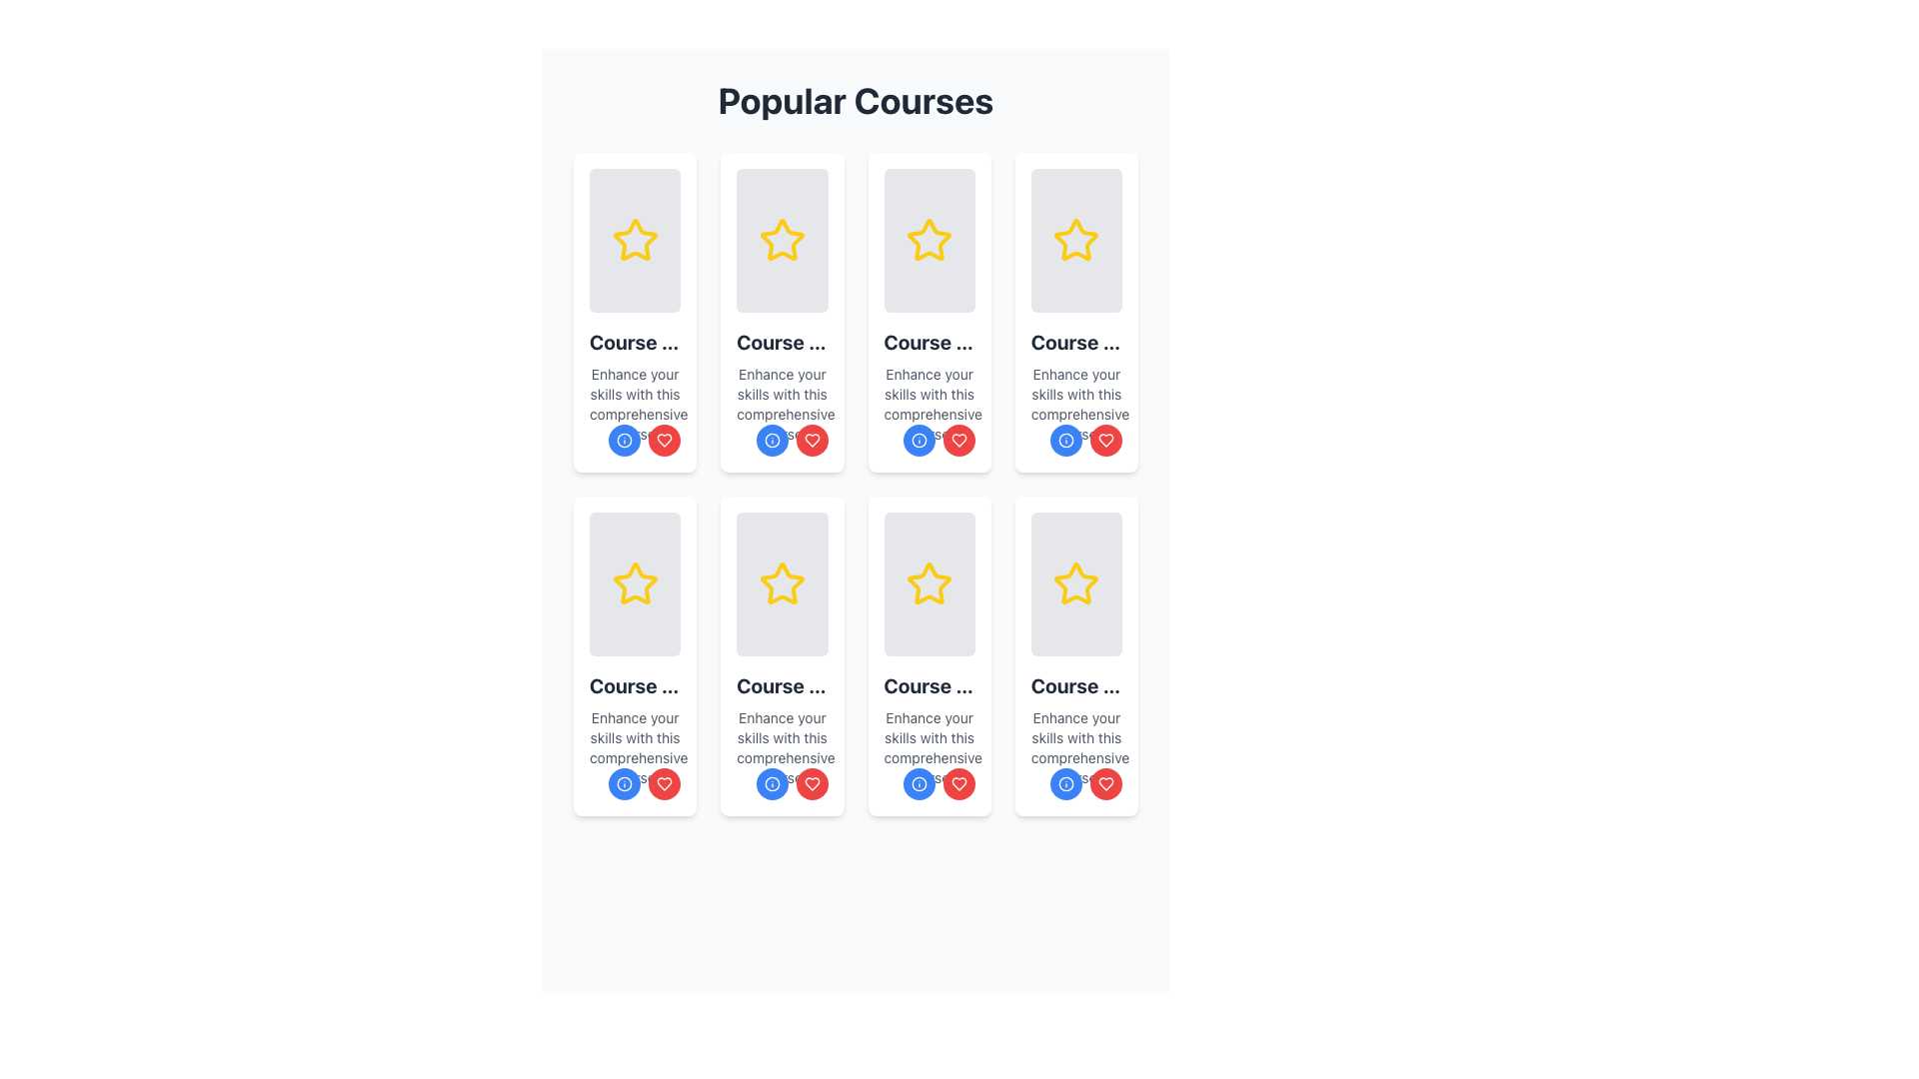  I want to click on the heart-shaped icon button with a red background, so click(958, 783).